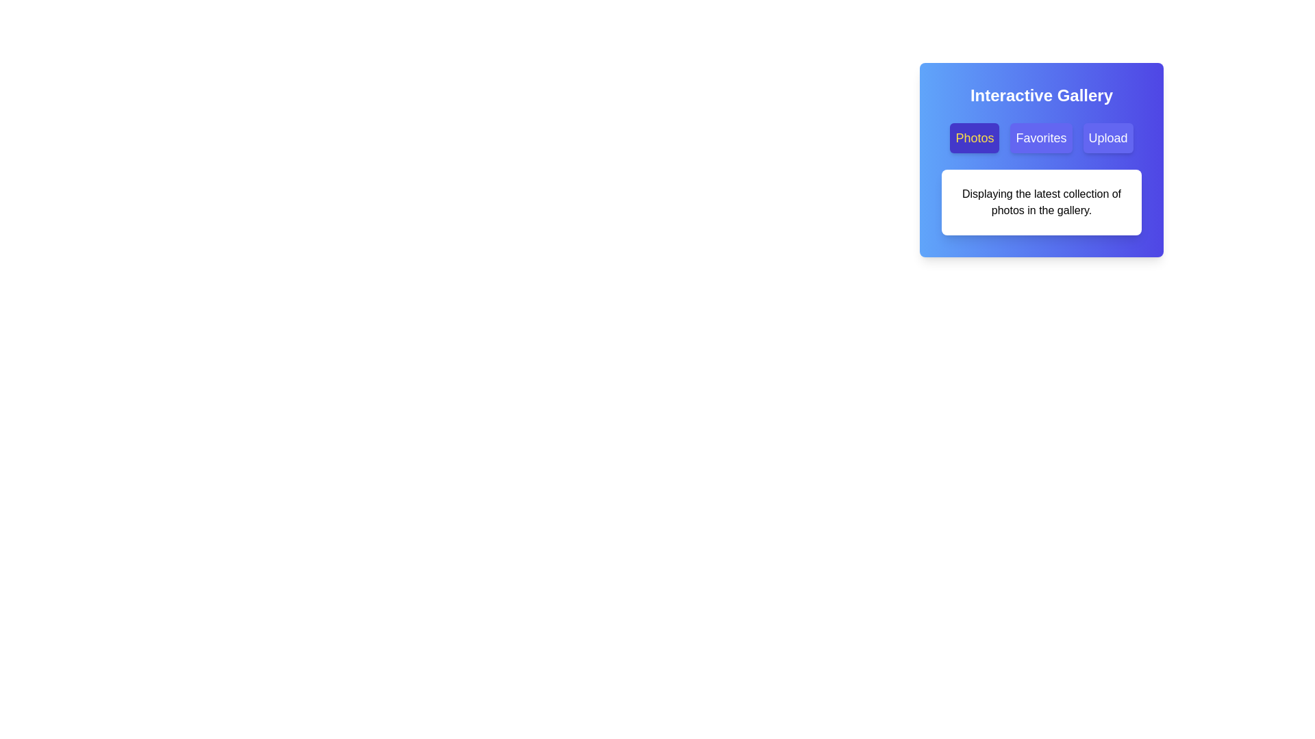  I want to click on the 'Upload' button located, so click(1107, 138).